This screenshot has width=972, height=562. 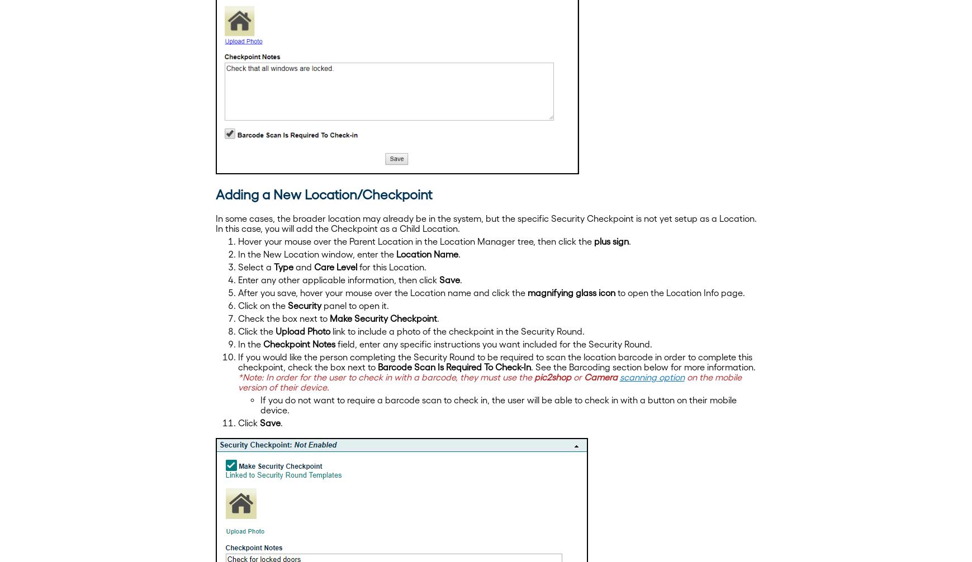 What do you see at coordinates (489, 382) in the screenshot?
I see `'on the mobile version of their device.'` at bounding box center [489, 382].